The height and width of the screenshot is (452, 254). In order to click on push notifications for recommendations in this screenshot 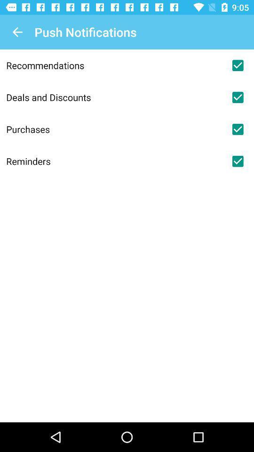, I will do `click(237, 65)`.